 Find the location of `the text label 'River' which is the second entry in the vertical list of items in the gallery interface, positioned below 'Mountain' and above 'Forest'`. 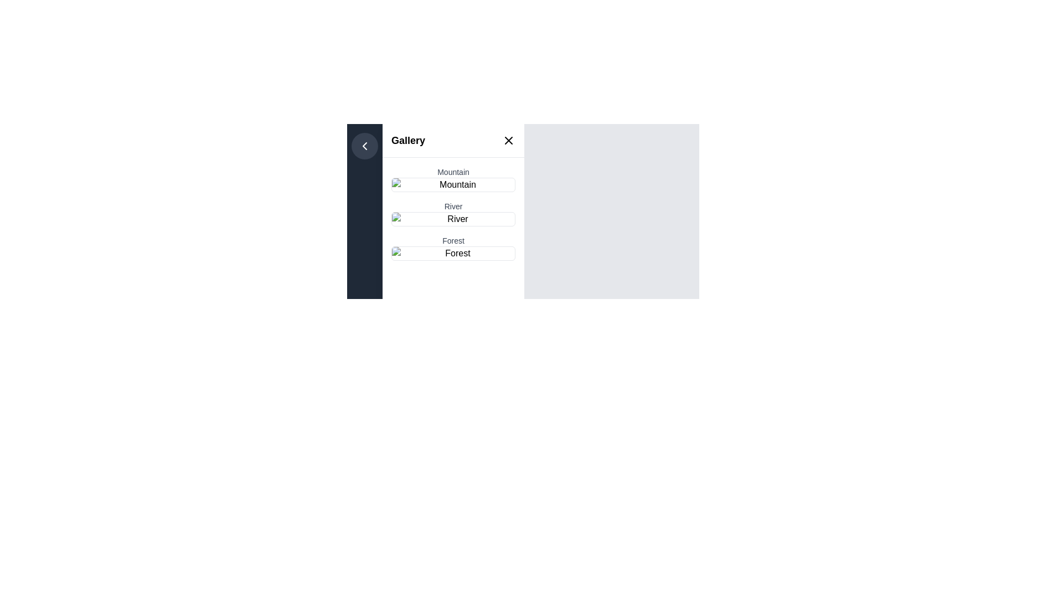

the text label 'River' which is the second entry in the vertical list of items in the gallery interface, positioned below 'Mountain' and above 'Forest' is located at coordinates (453, 207).